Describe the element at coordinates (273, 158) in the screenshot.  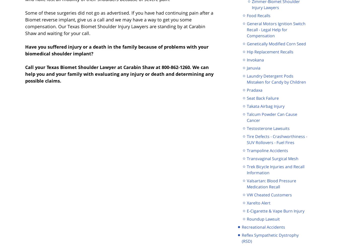
I see `'Transvaginal Surgical Mesh'` at that location.